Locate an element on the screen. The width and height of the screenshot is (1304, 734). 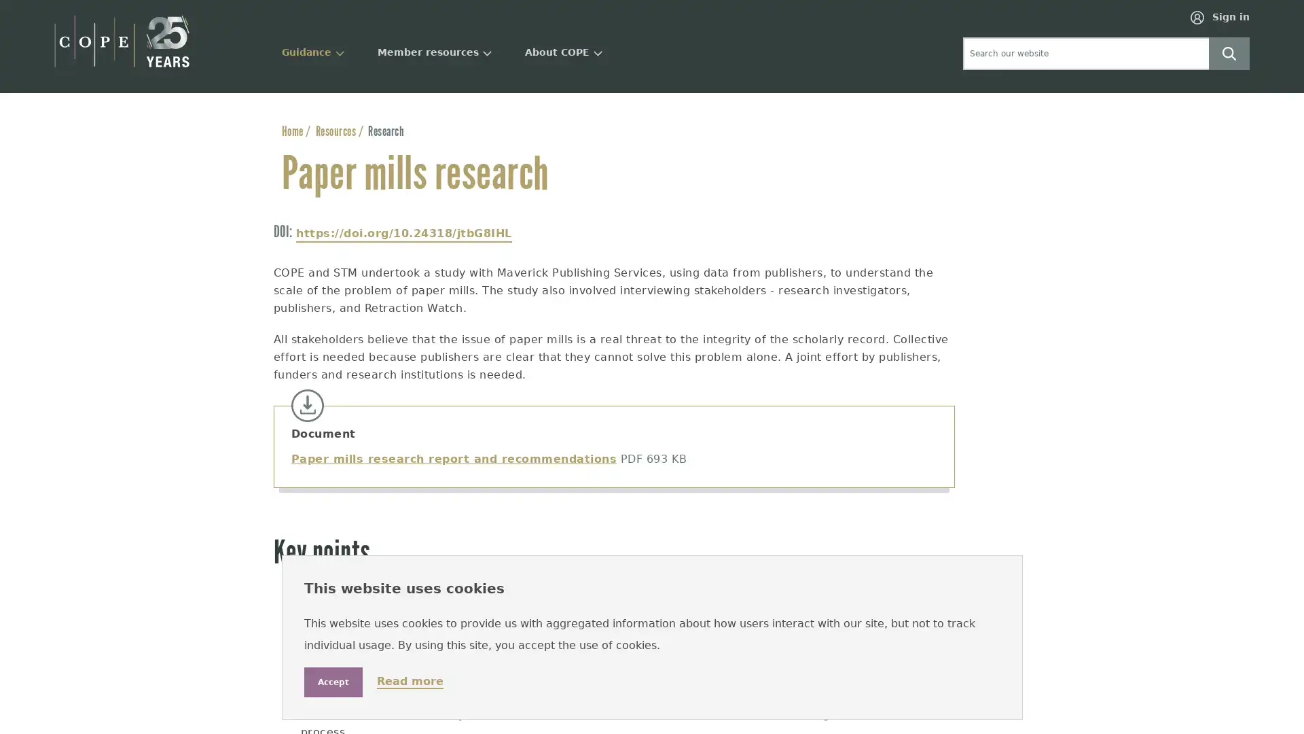
Search is located at coordinates (1229, 52).